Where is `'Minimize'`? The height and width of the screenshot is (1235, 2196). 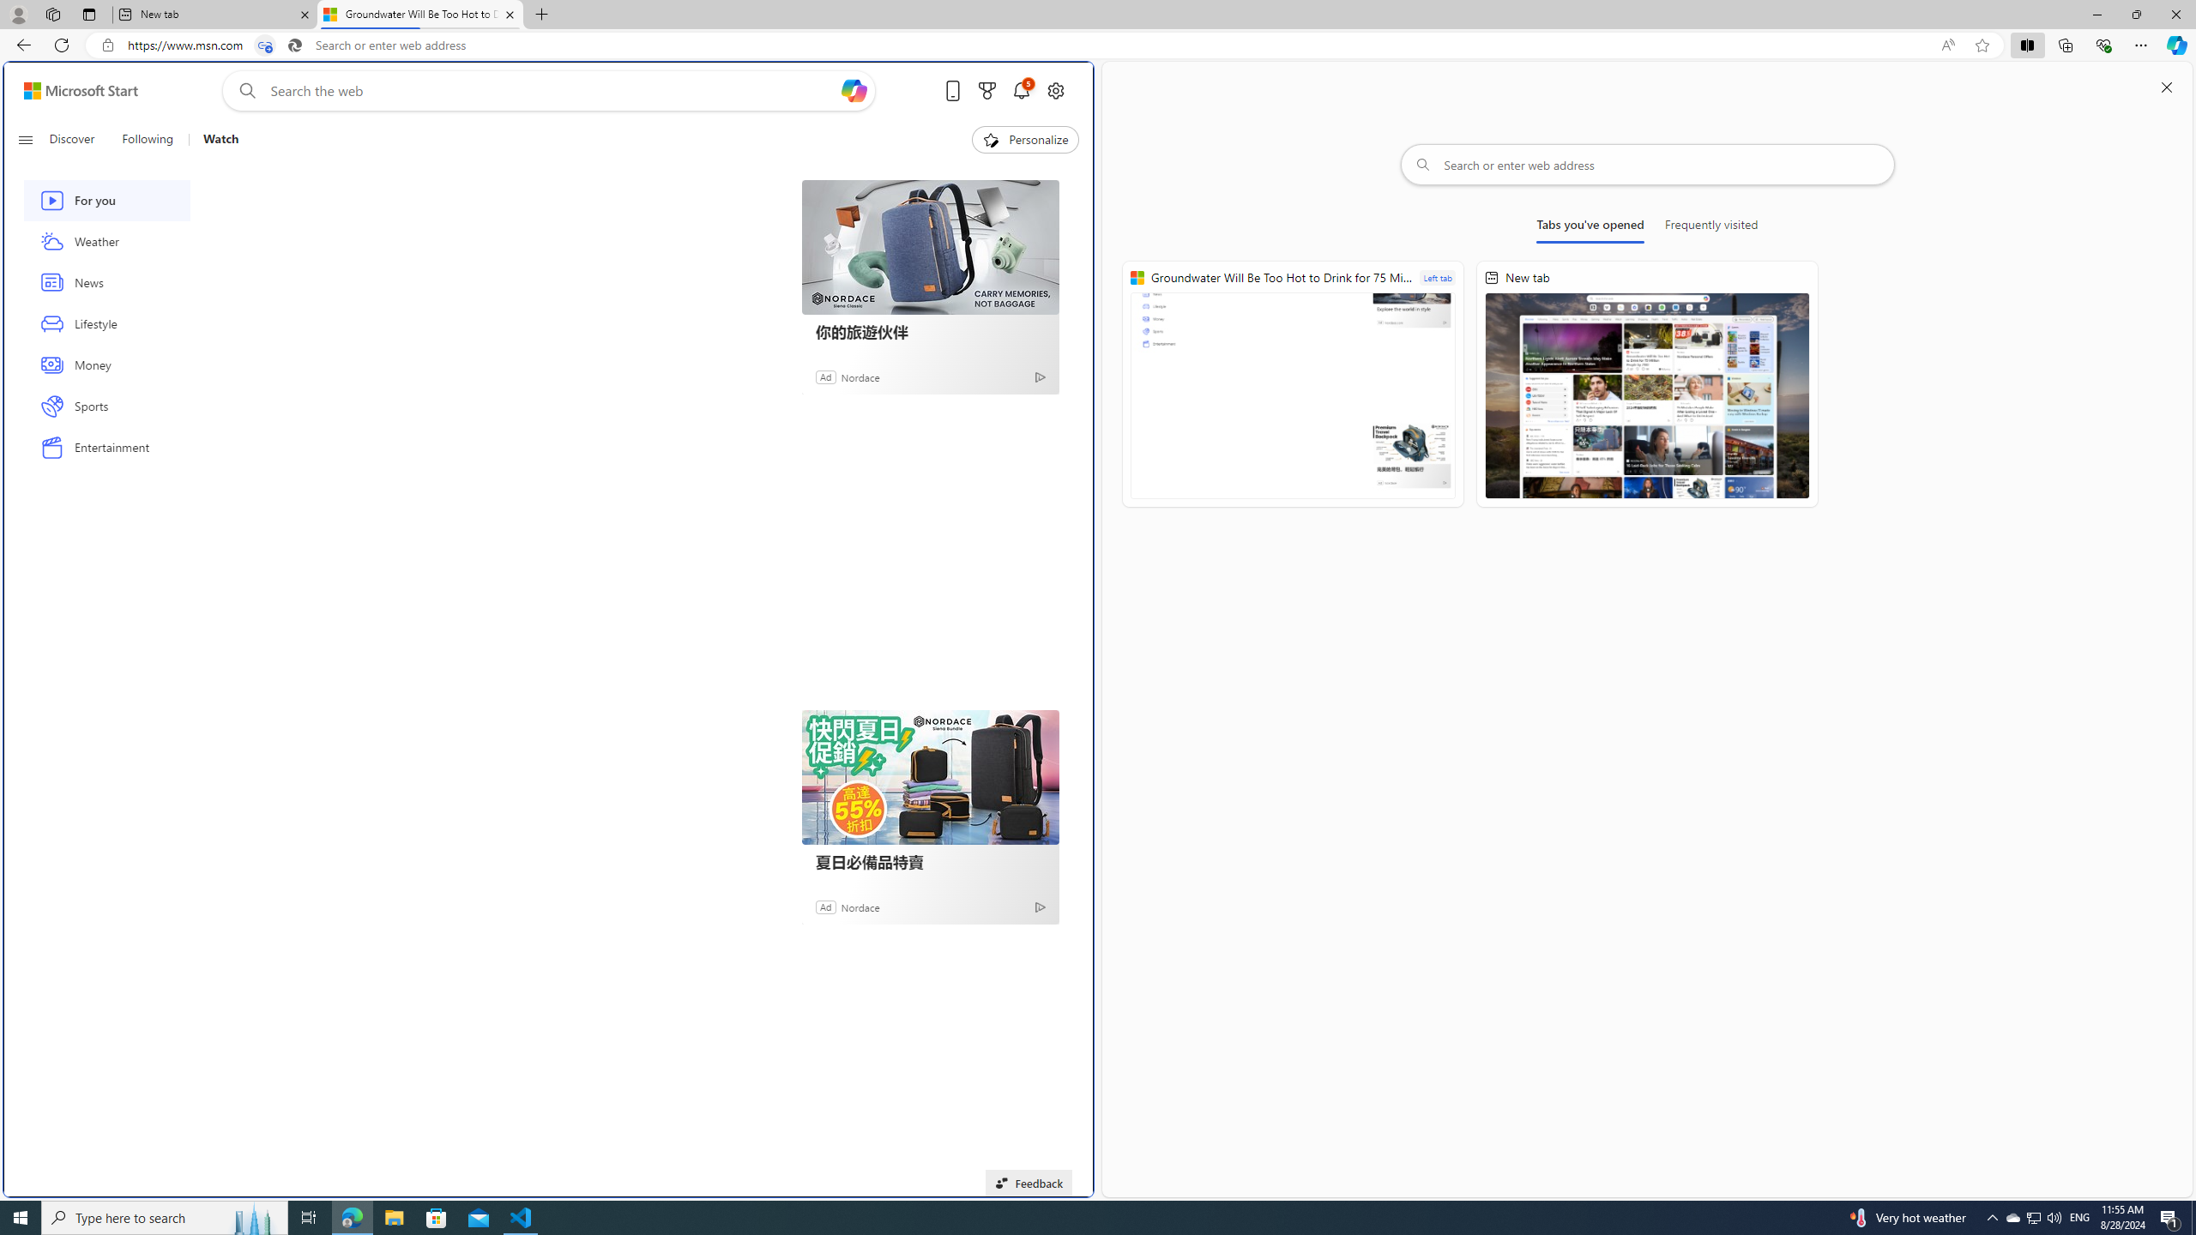 'Minimize' is located at coordinates (2096, 14).